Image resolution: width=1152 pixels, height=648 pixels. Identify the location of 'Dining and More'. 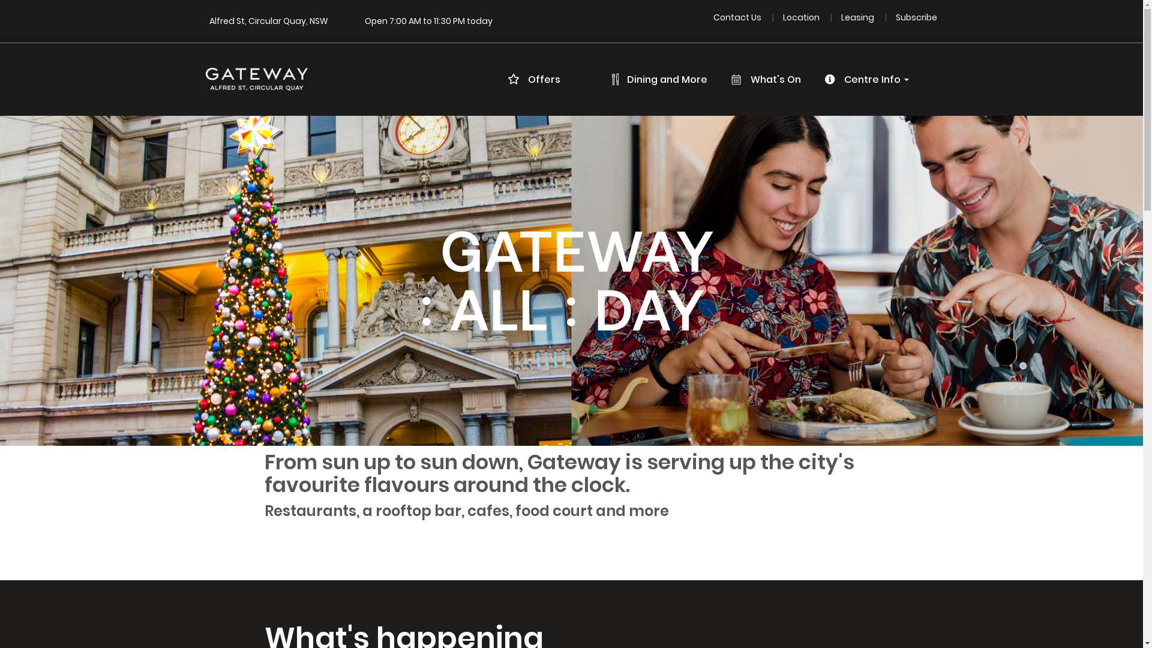
(664, 79).